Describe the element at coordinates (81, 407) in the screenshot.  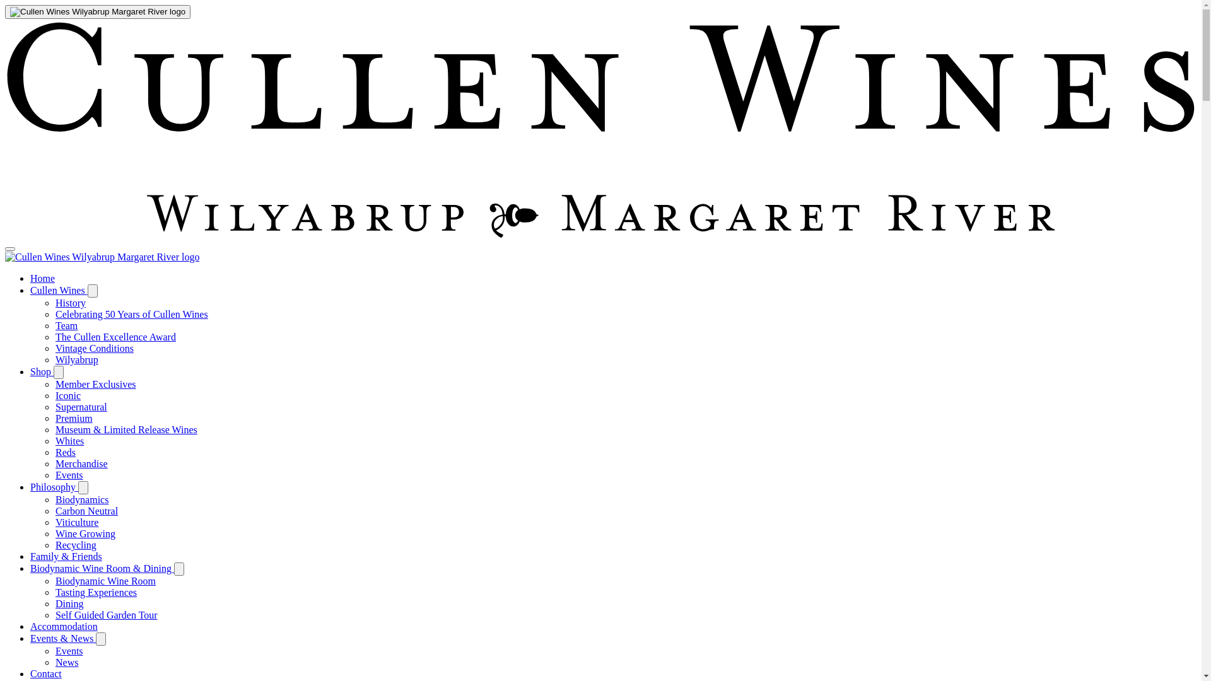
I see `'Supernatural'` at that location.